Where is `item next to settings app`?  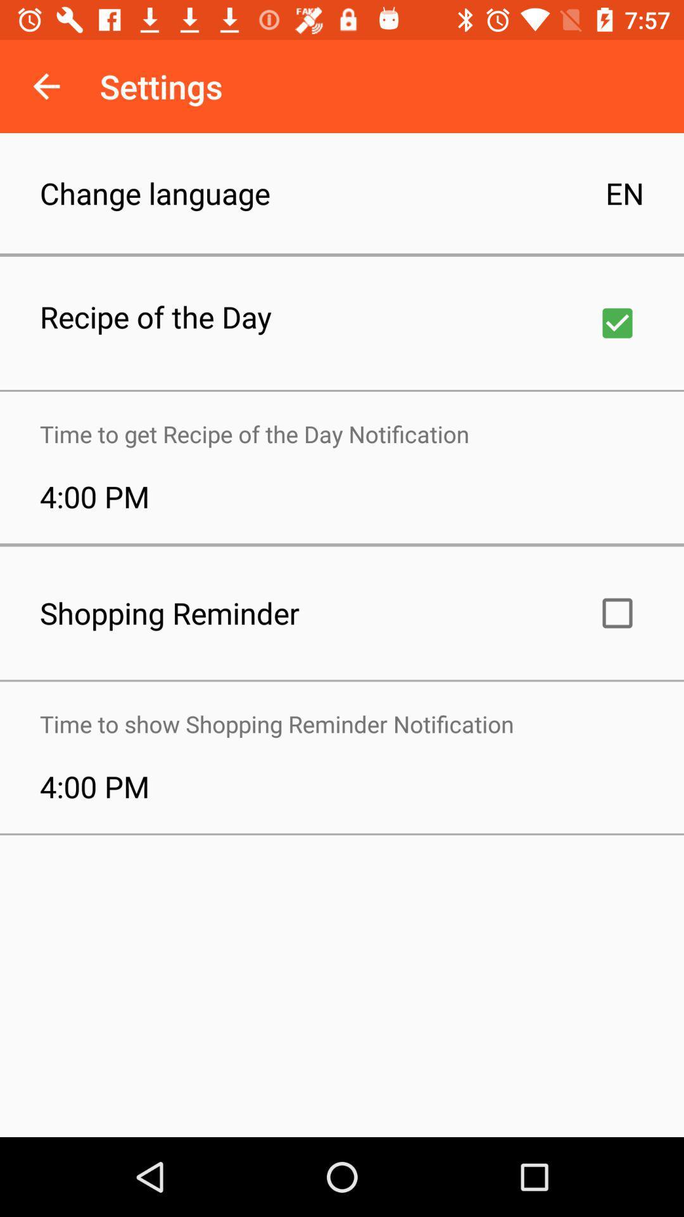
item next to settings app is located at coordinates (46, 86).